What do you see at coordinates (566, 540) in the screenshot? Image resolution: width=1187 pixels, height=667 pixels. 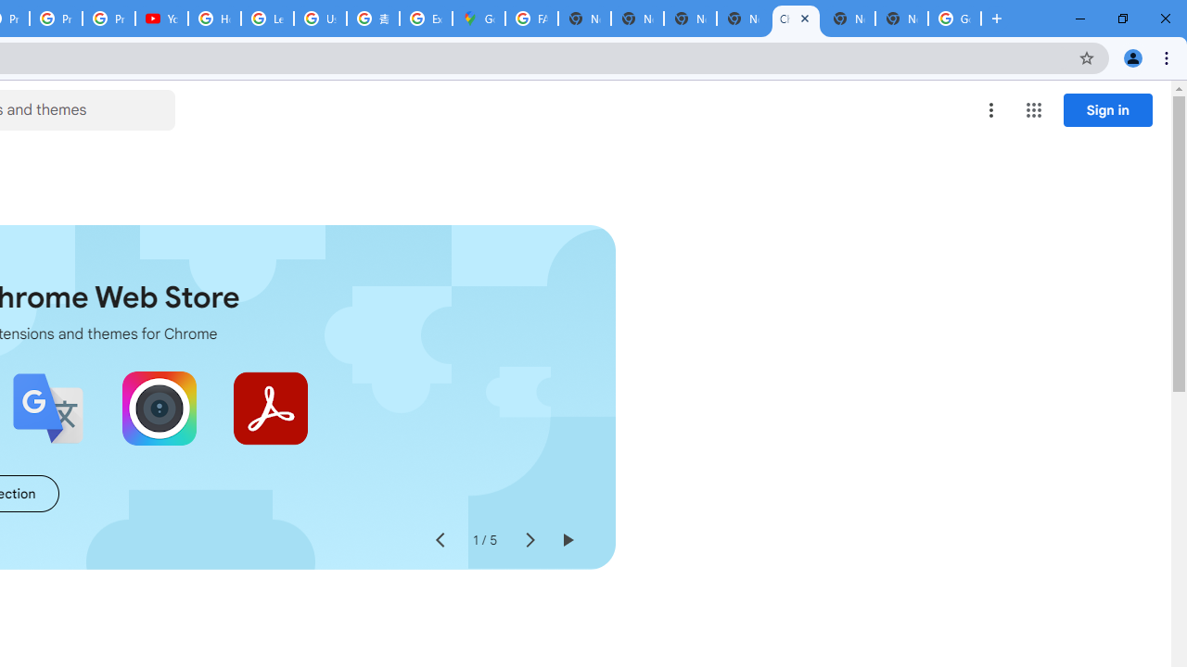 I see `'Resume auto-play'` at bounding box center [566, 540].